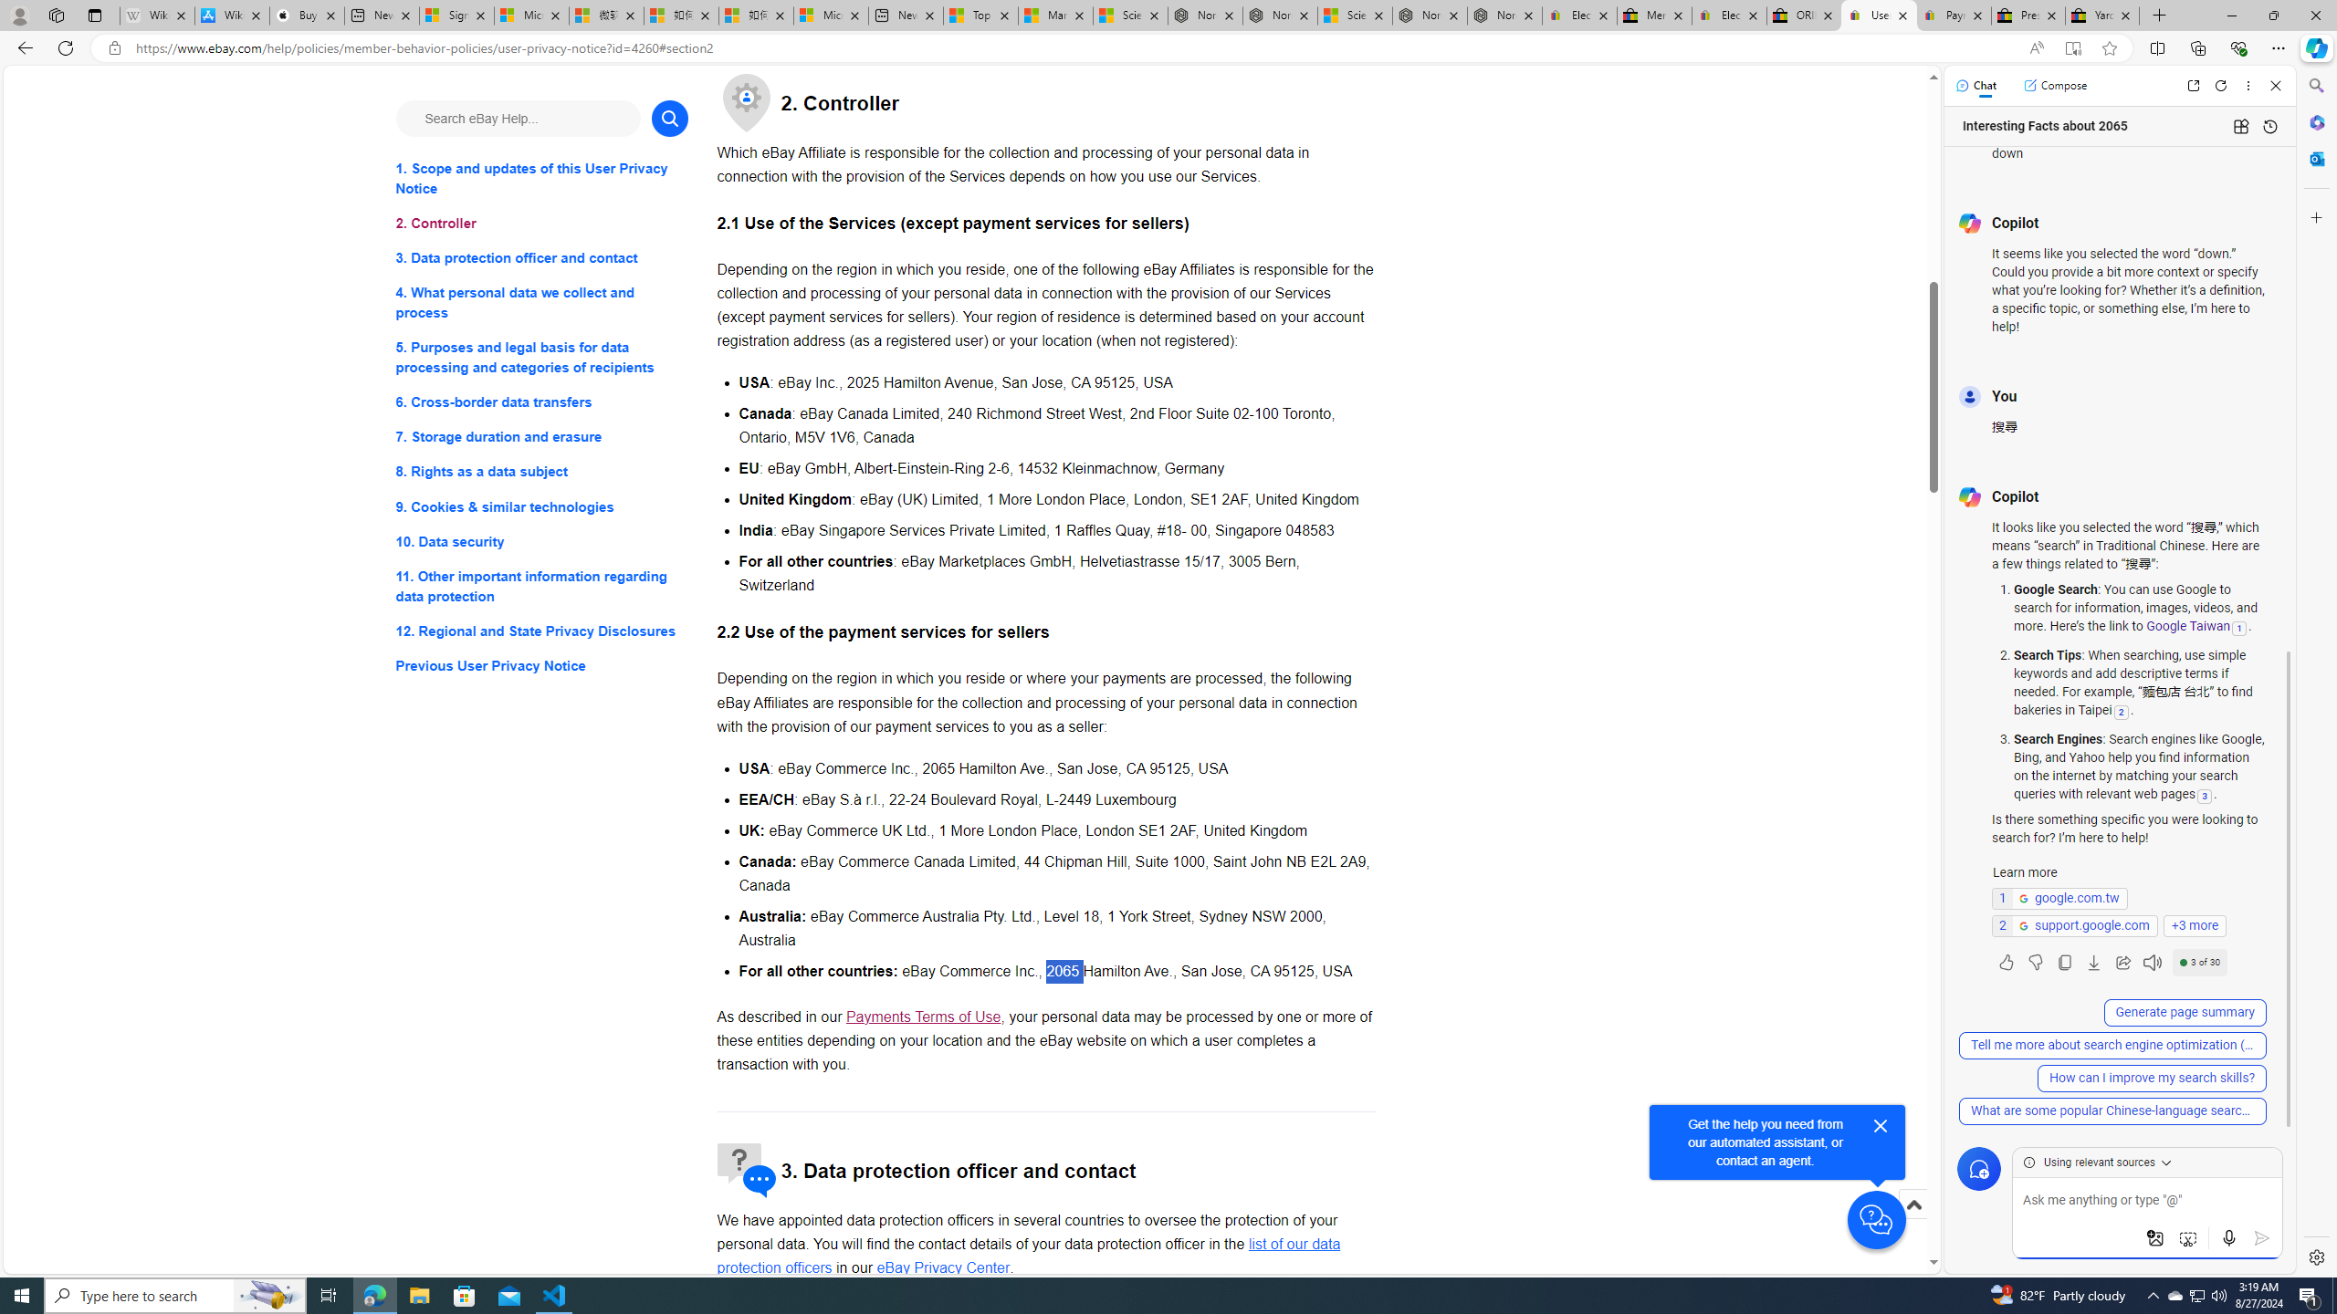 The image size is (2337, 1314). I want to click on '1. Scope and updates of this User Privacy Notice', so click(540, 178).